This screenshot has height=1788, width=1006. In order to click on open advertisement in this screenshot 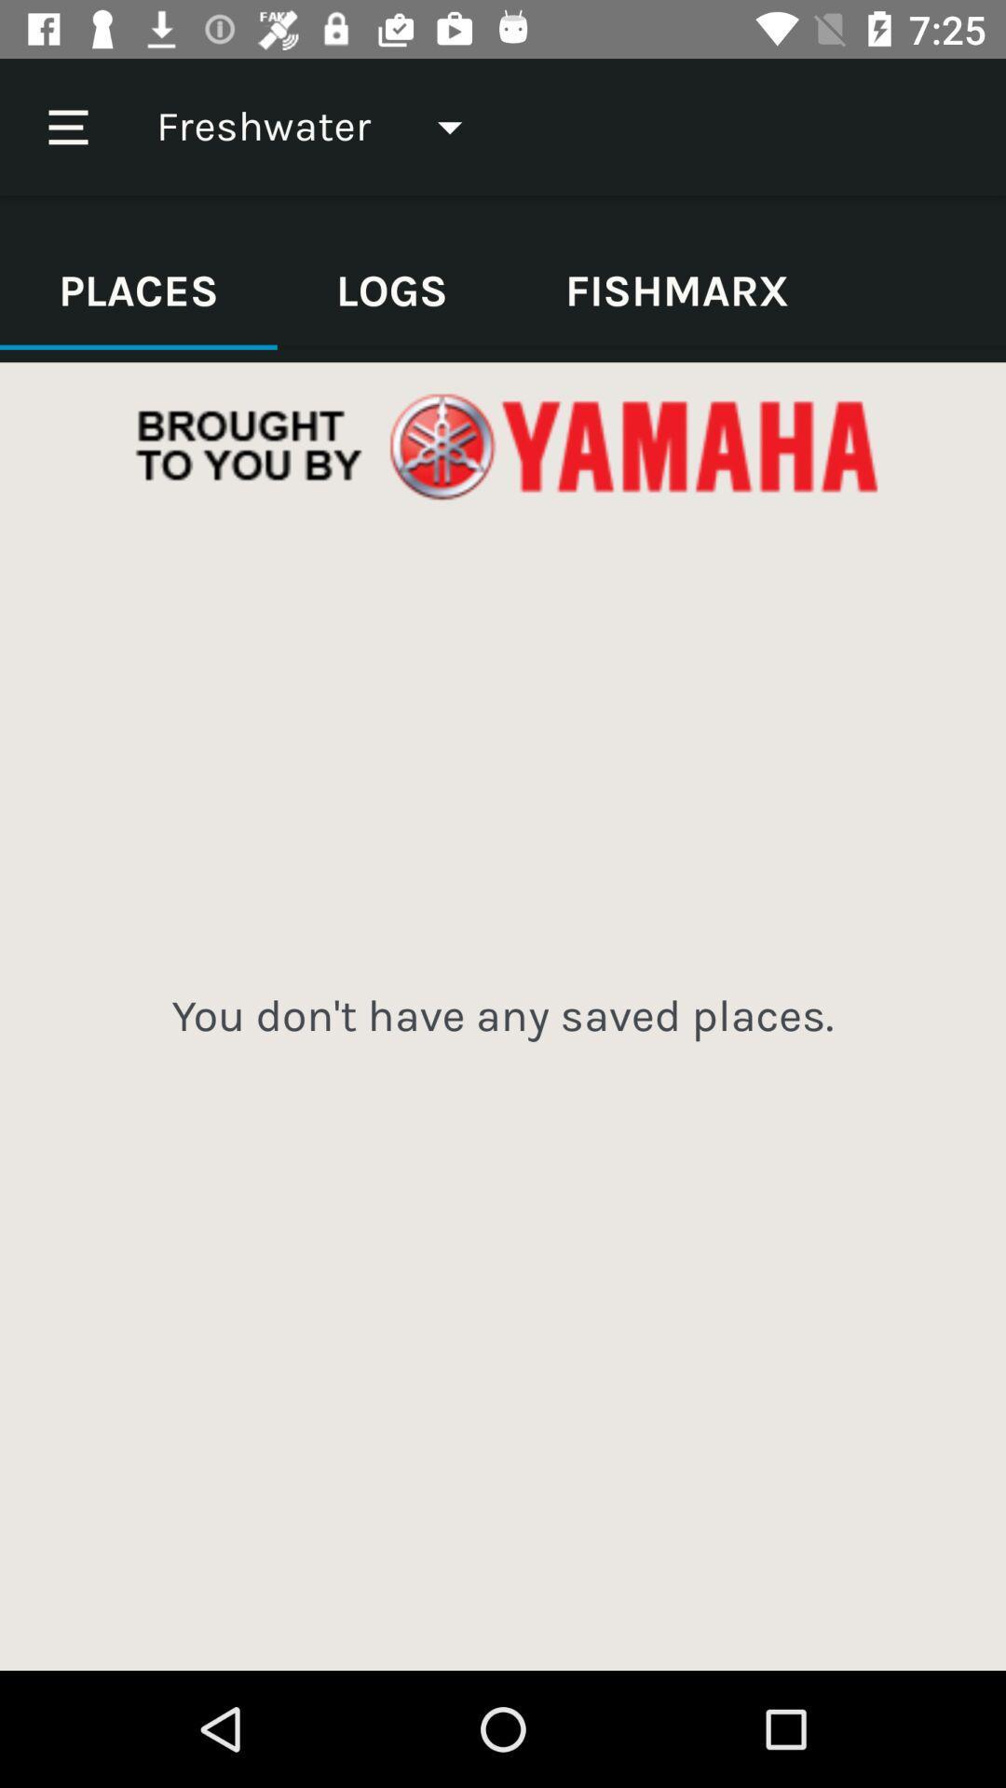, I will do `click(503, 448)`.